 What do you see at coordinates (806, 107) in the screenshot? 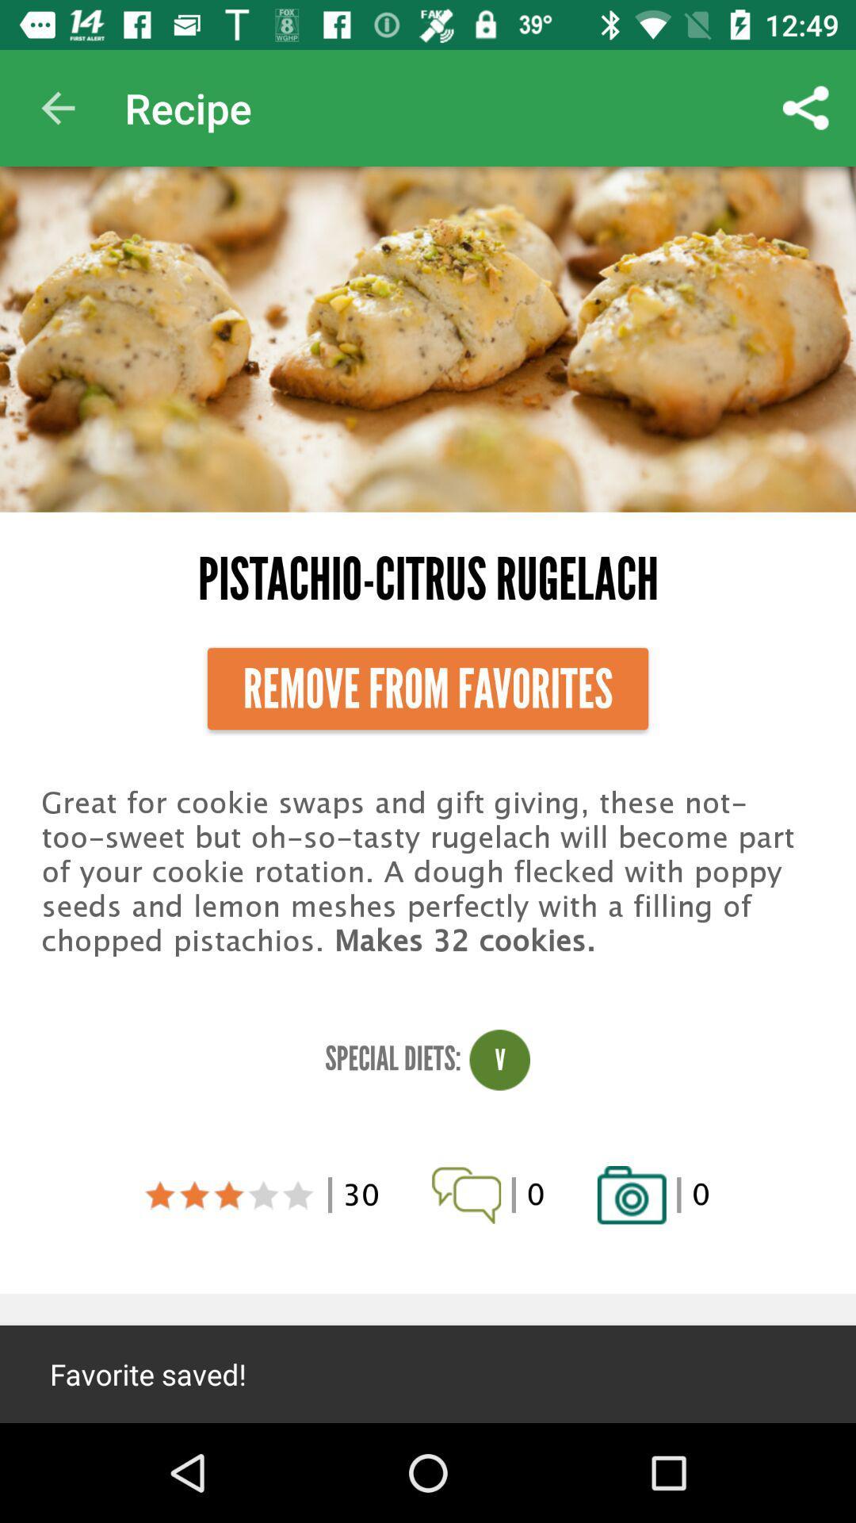
I see `the item next to recipe item` at bounding box center [806, 107].